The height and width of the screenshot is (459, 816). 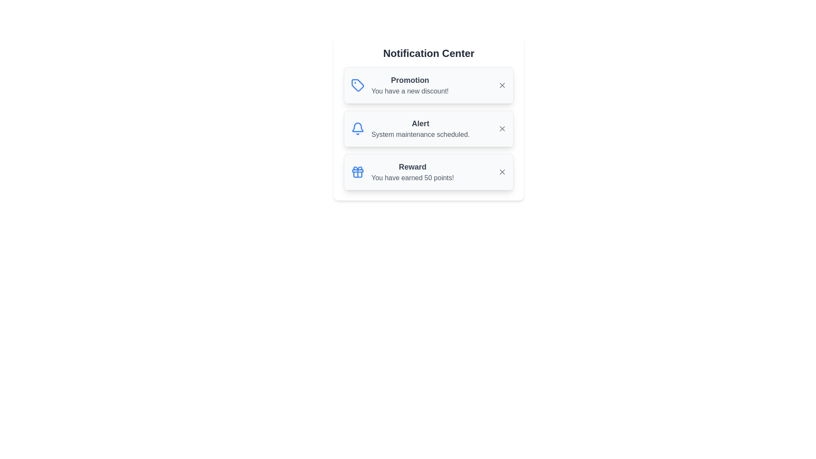 What do you see at coordinates (357, 85) in the screenshot?
I see `the promotion notification icon located to the left of the 'Promotion' text heading in the topmost notification card` at bounding box center [357, 85].